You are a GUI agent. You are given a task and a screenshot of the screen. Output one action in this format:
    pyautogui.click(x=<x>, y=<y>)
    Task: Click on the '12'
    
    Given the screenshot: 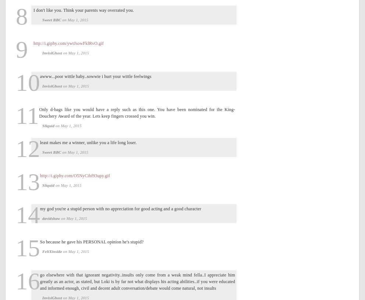 What is the action you would take?
    pyautogui.click(x=28, y=149)
    